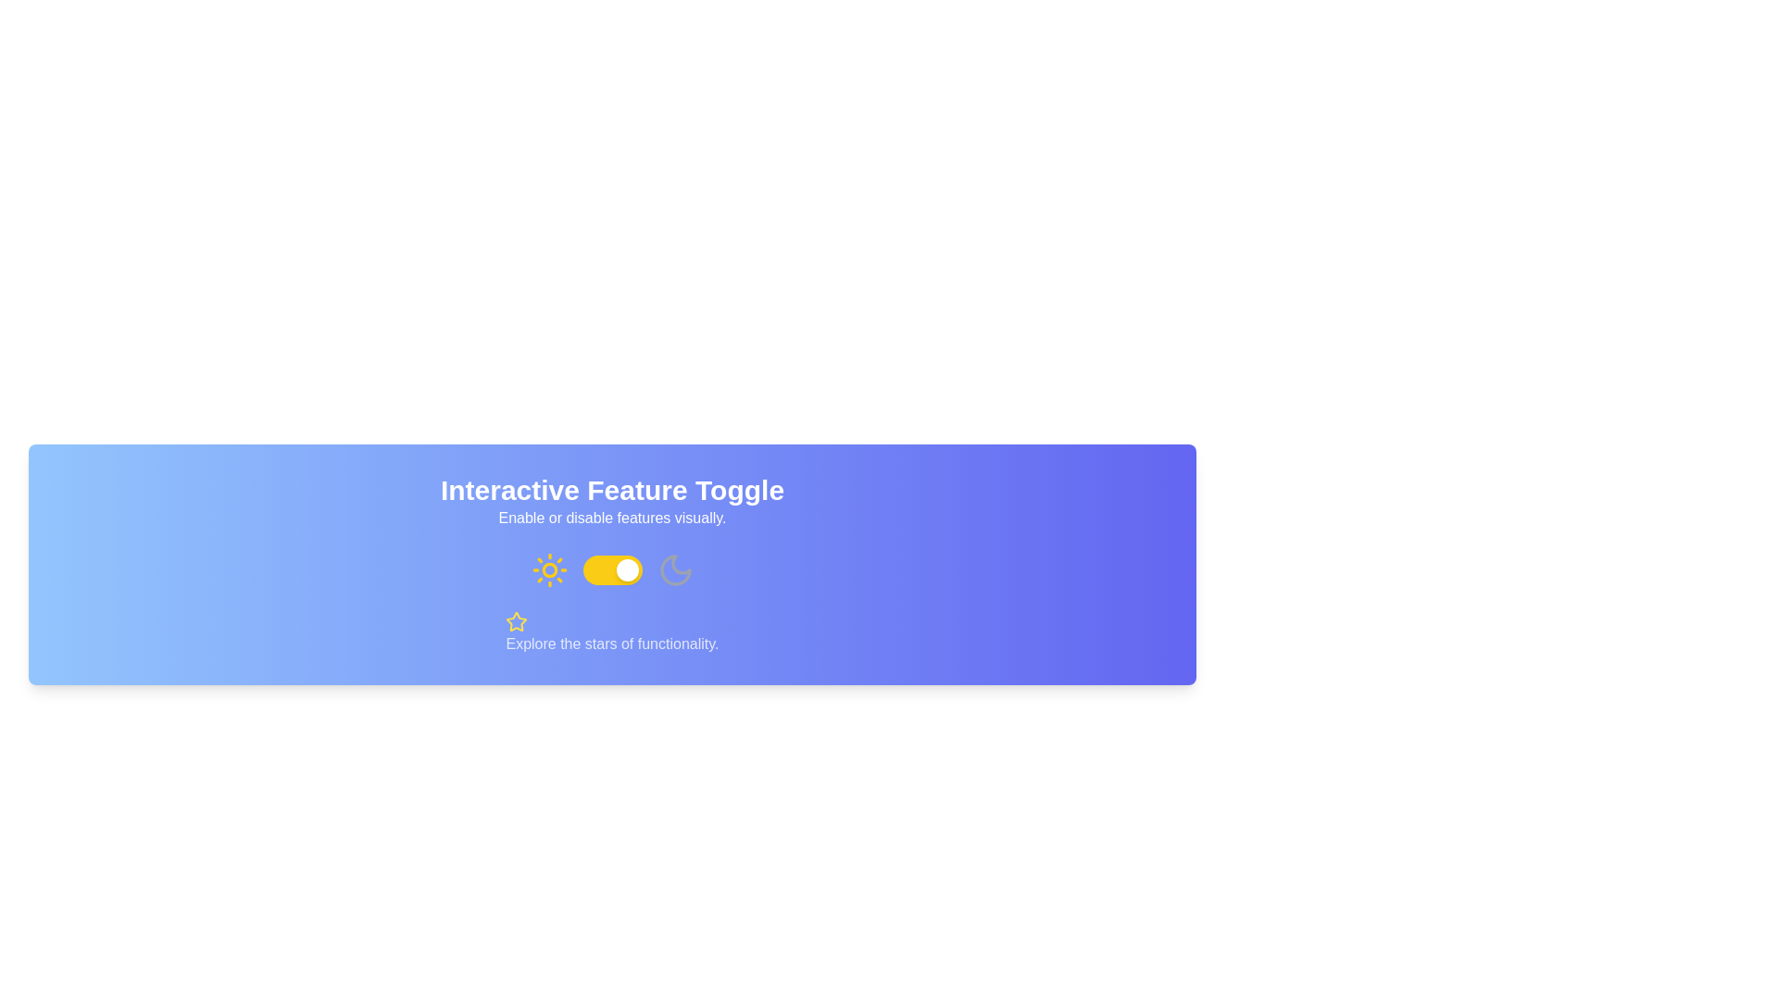 This screenshot has height=1000, width=1778. What do you see at coordinates (612, 489) in the screenshot?
I see `the prominent title text 'Interactive Feature Toggle' displayed in white over a gradient blue background` at bounding box center [612, 489].